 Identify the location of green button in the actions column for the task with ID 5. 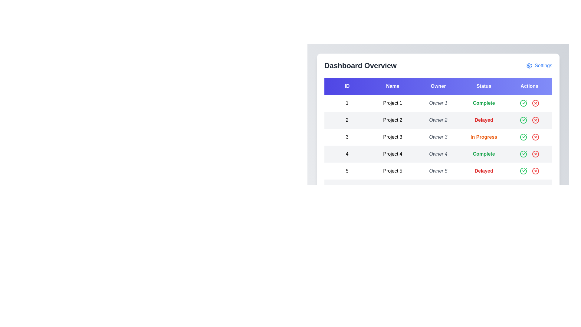
(523, 171).